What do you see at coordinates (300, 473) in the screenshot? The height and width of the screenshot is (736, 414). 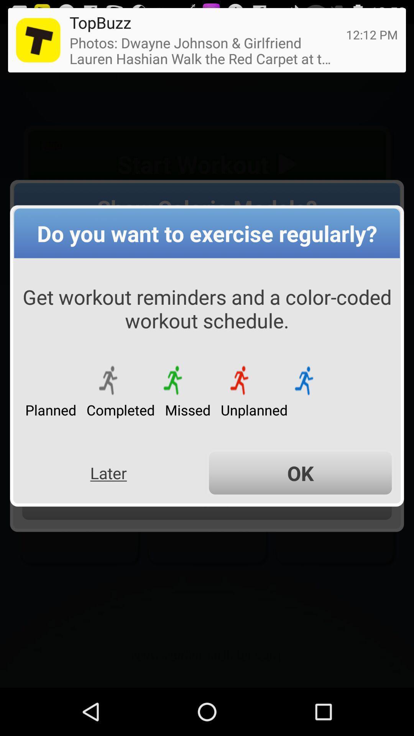 I see `item on the right` at bounding box center [300, 473].